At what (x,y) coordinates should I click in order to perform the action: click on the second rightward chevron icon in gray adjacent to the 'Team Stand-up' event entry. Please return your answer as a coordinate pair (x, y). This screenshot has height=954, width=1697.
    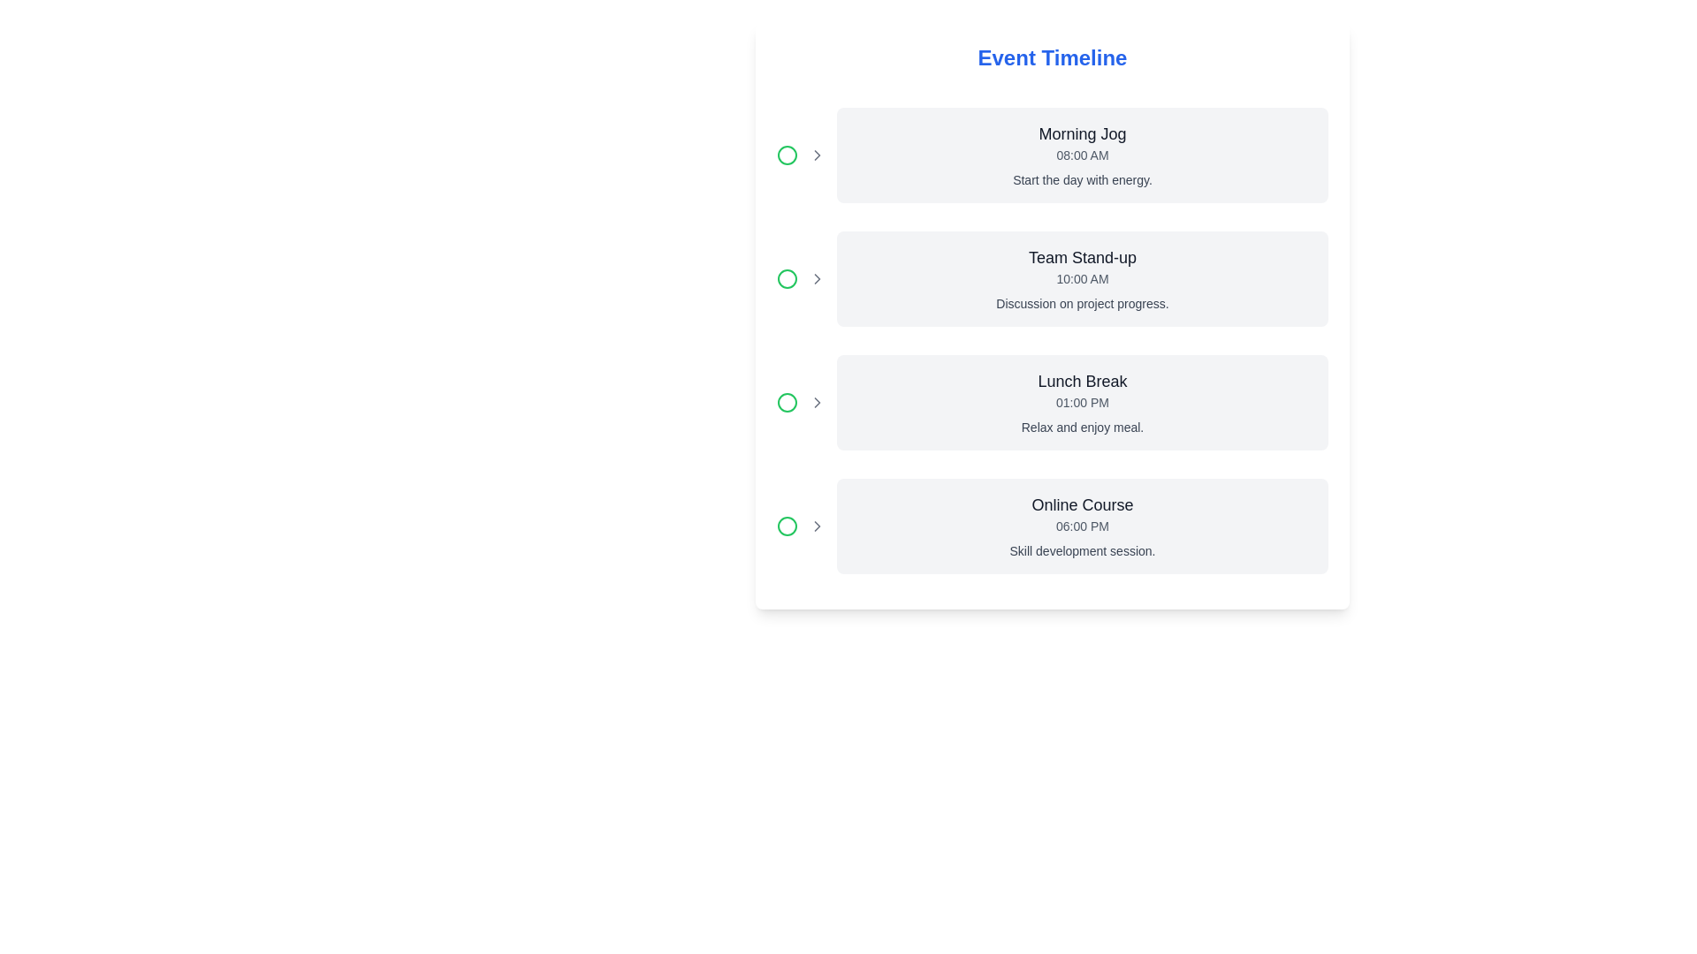
    Looking at the image, I should click on (817, 278).